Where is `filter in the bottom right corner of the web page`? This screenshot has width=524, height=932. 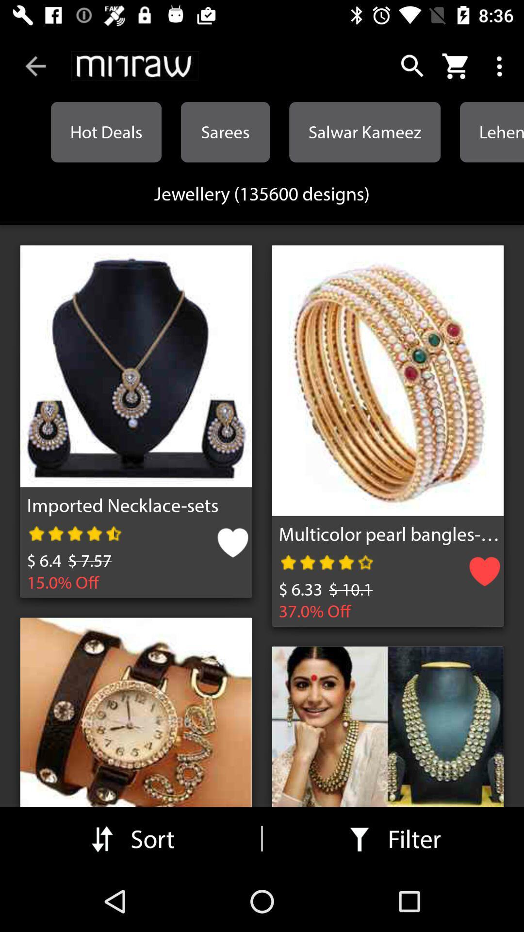 filter in the bottom right corner of the web page is located at coordinates (393, 838).